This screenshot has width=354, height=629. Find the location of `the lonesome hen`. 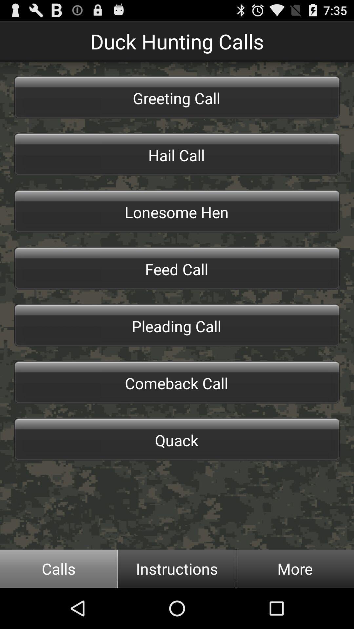

the lonesome hen is located at coordinates (177, 211).